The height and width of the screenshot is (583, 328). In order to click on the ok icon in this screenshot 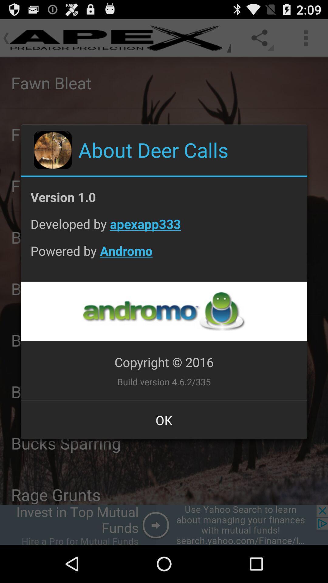, I will do `click(164, 420)`.